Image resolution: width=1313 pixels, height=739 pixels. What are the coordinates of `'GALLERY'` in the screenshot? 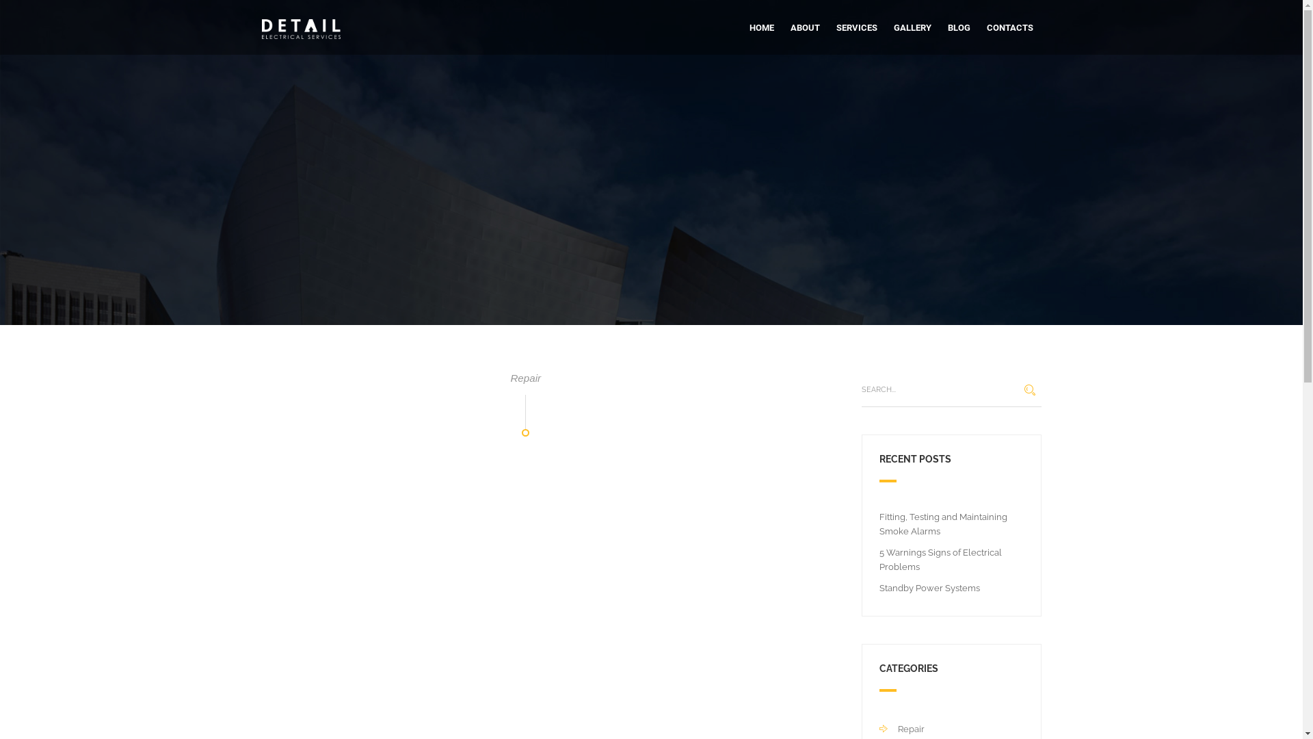 It's located at (912, 28).